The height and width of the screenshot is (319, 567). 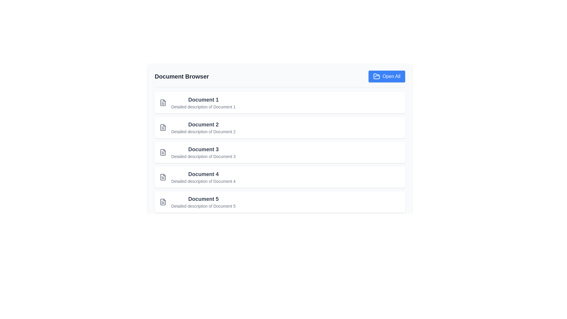 What do you see at coordinates (203, 149) in the screenshot?
I see `the text label displaying 'Document 3', which is styled in bold and larger font, positioned as the heading of the third card in the main content area` at bounding box center [203, 149].